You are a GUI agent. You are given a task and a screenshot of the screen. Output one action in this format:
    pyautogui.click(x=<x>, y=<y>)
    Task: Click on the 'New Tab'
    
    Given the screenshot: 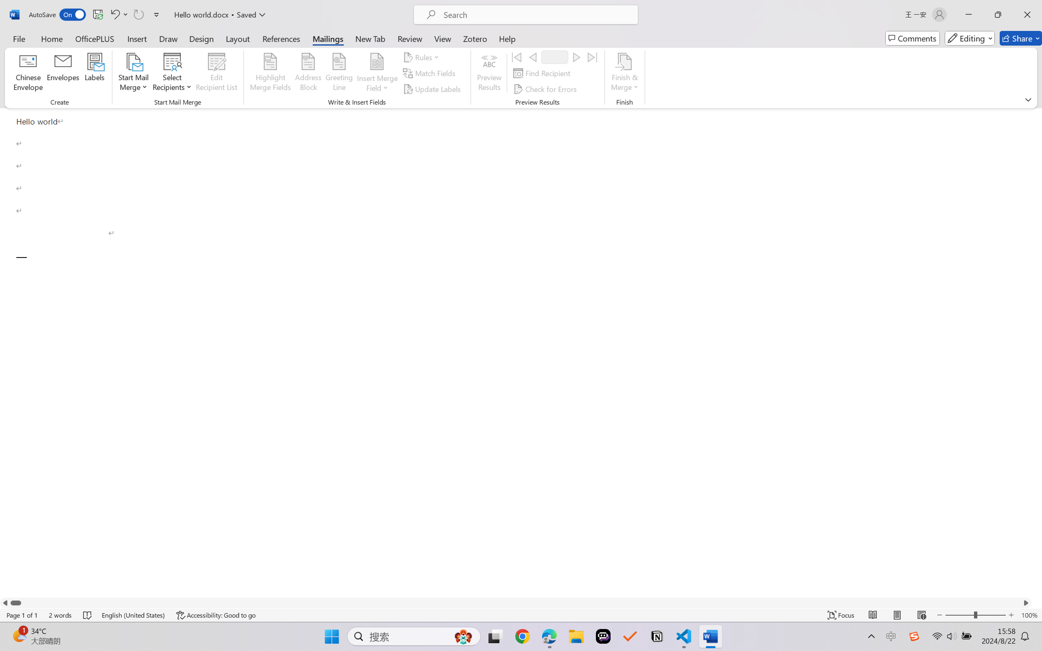 What is the action you would take?
    pyautogui.click(x=370, y=38)
    